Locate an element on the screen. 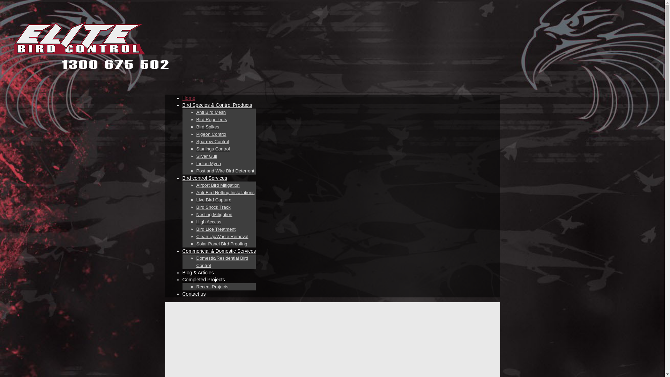 This screenshot has height=377, width=670. 'Bird Spikes' is located at coordinates (207, 127).